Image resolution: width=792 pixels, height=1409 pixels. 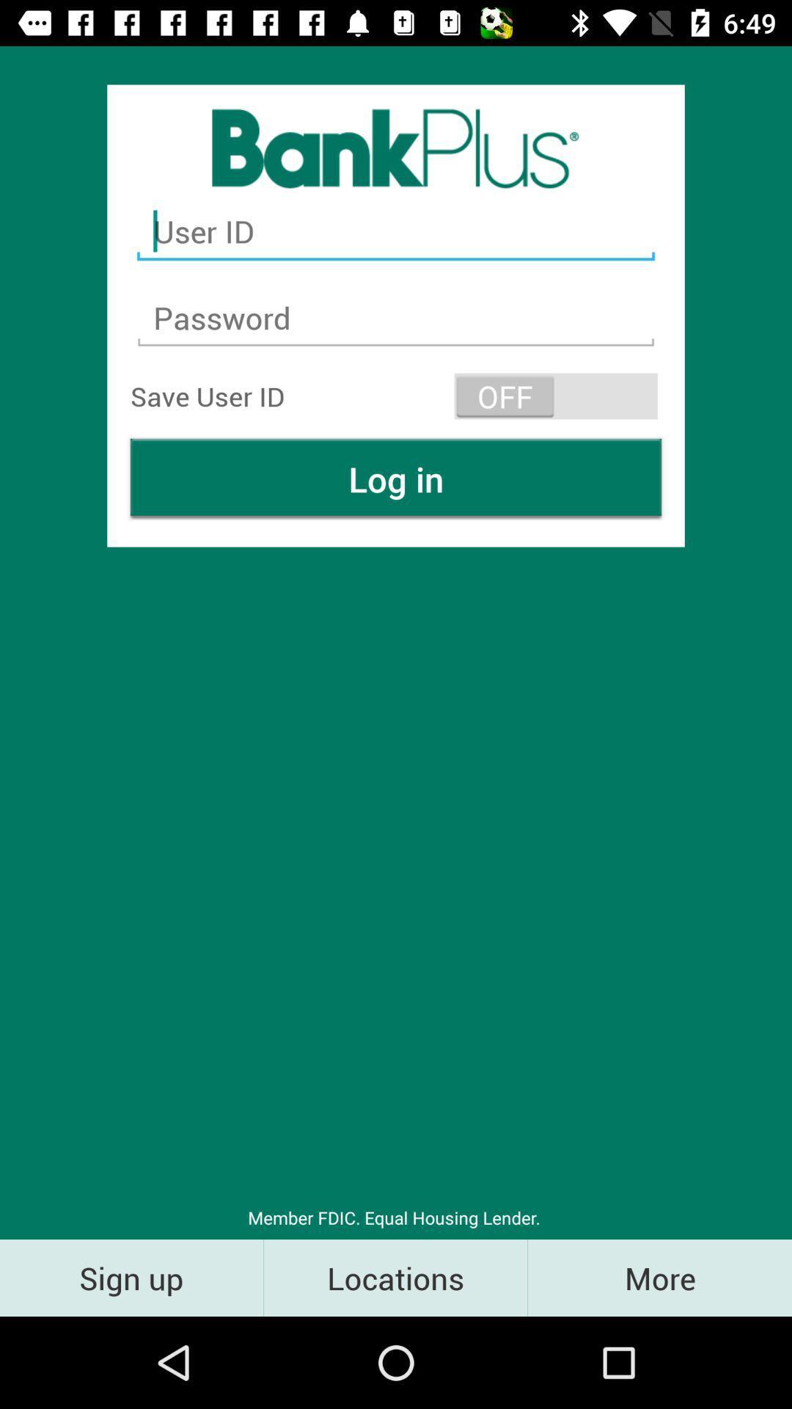 I want to click on the locations item, so click(x=395, y=1277).